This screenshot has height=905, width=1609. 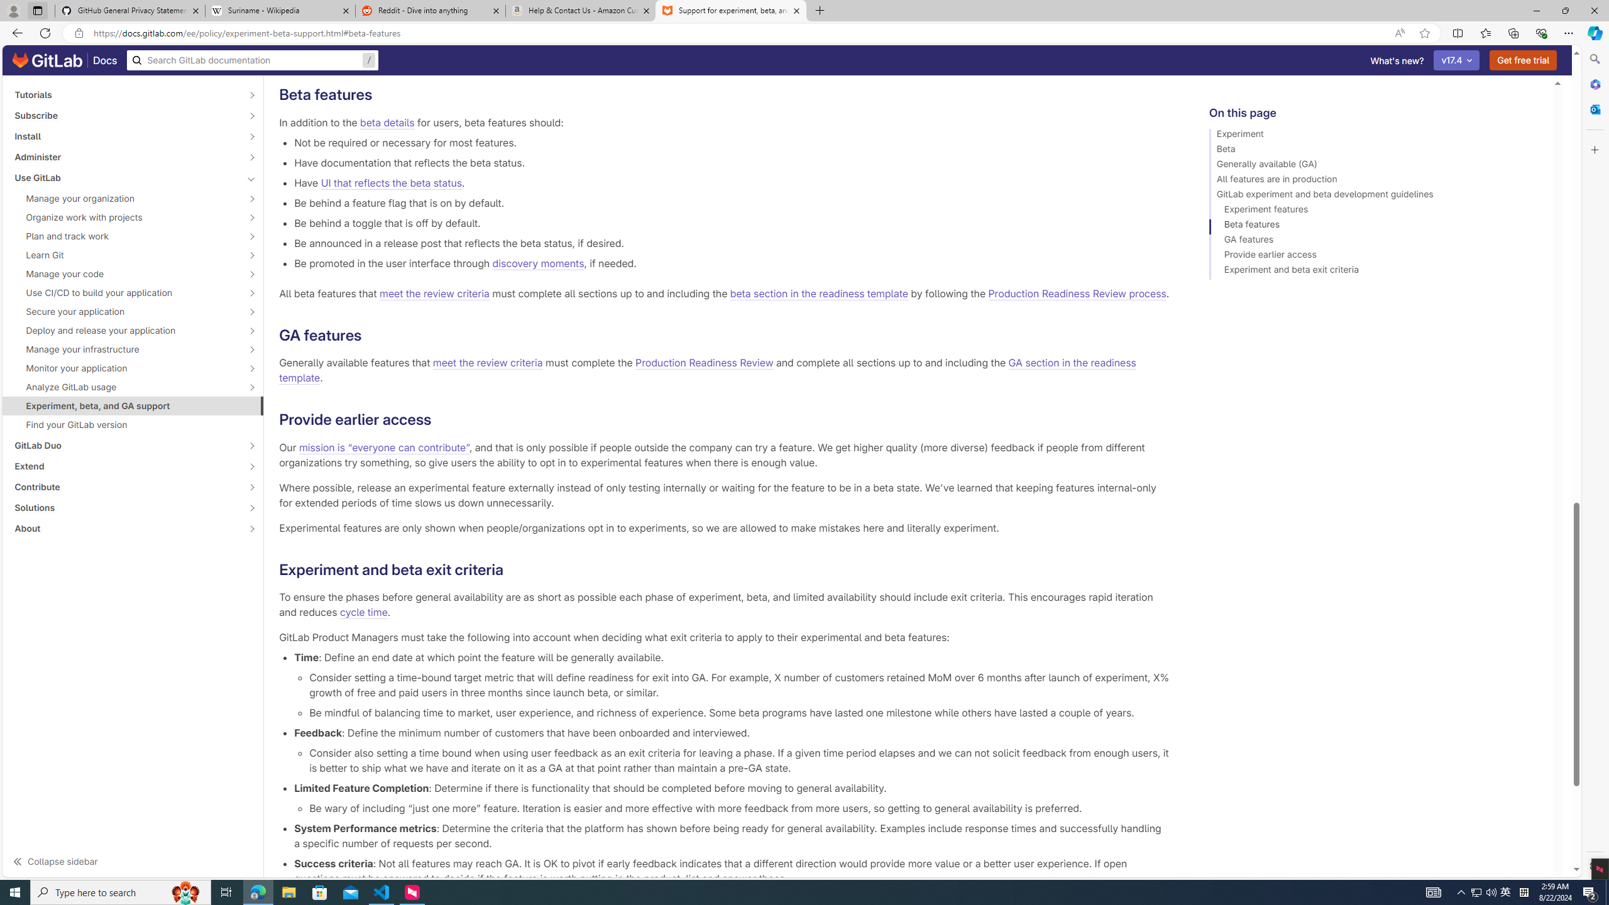 I want to click on 'Generally available (GA)', so click(x=1375, y=166).